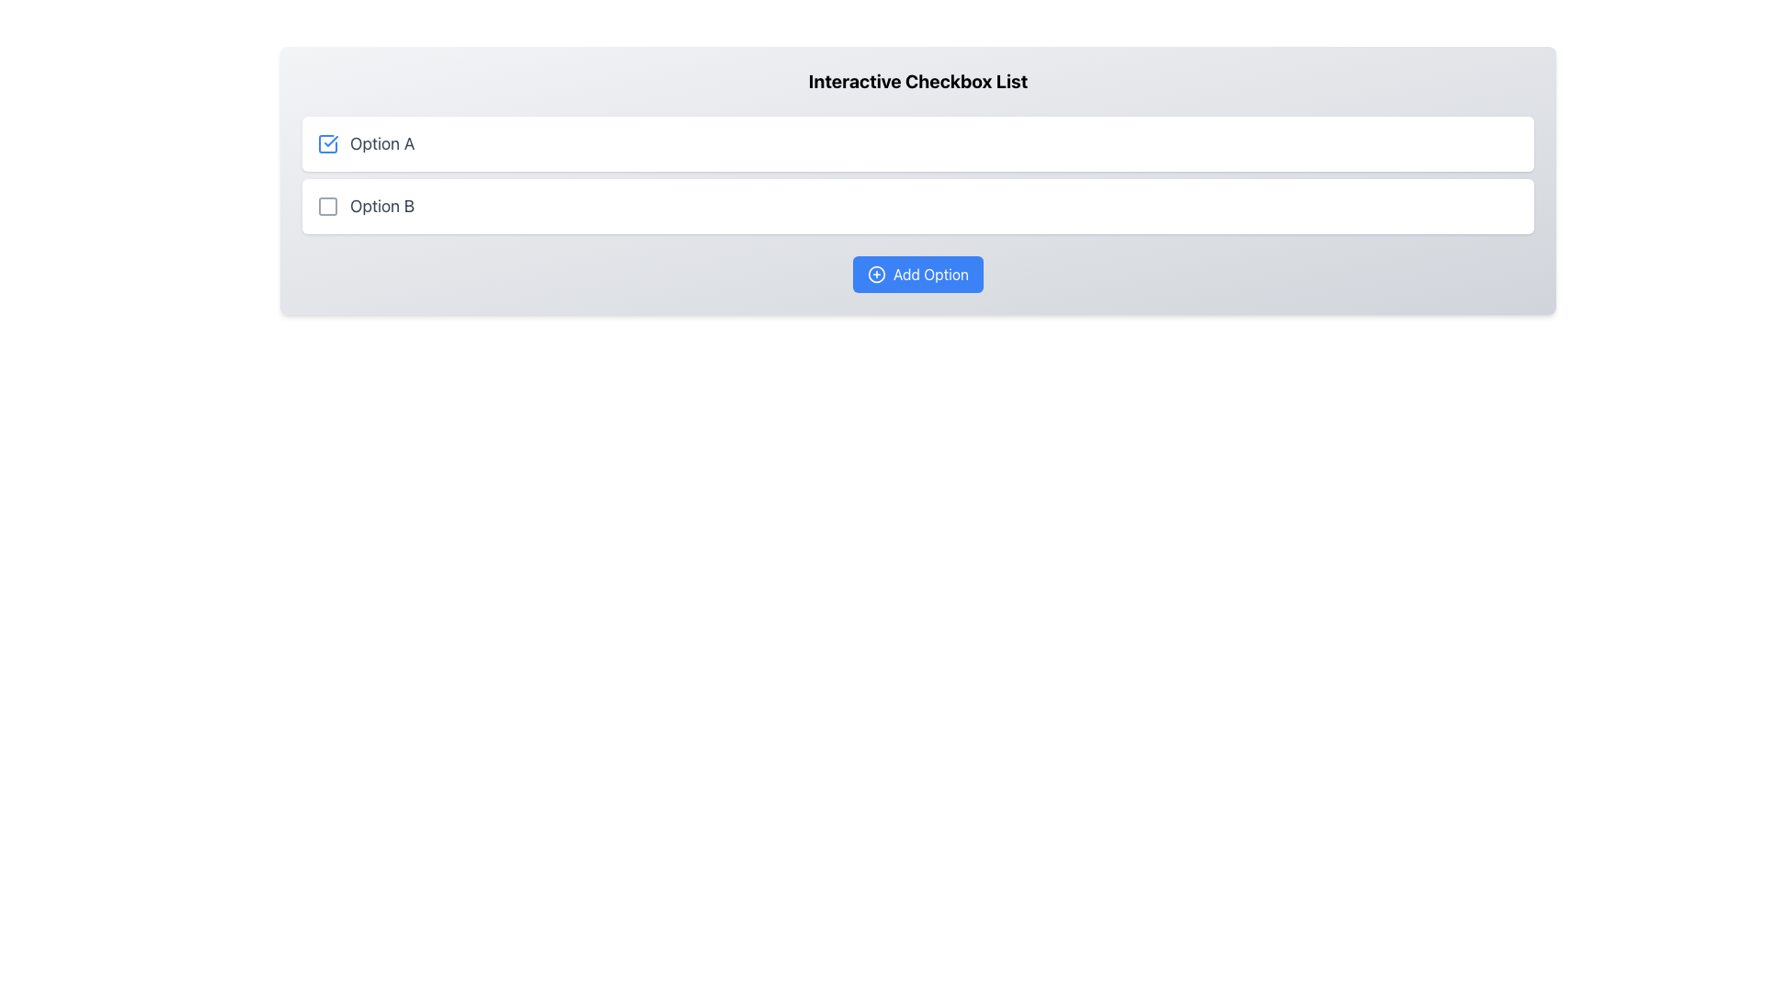 Image resolution: width=1765 pixels, height=992 pixels. What do you see at coordinates (917, 275) in the screenshot?
I see `the blue button with a plus sign icon and 'Add Option' text` at bounding box center [917, 275].